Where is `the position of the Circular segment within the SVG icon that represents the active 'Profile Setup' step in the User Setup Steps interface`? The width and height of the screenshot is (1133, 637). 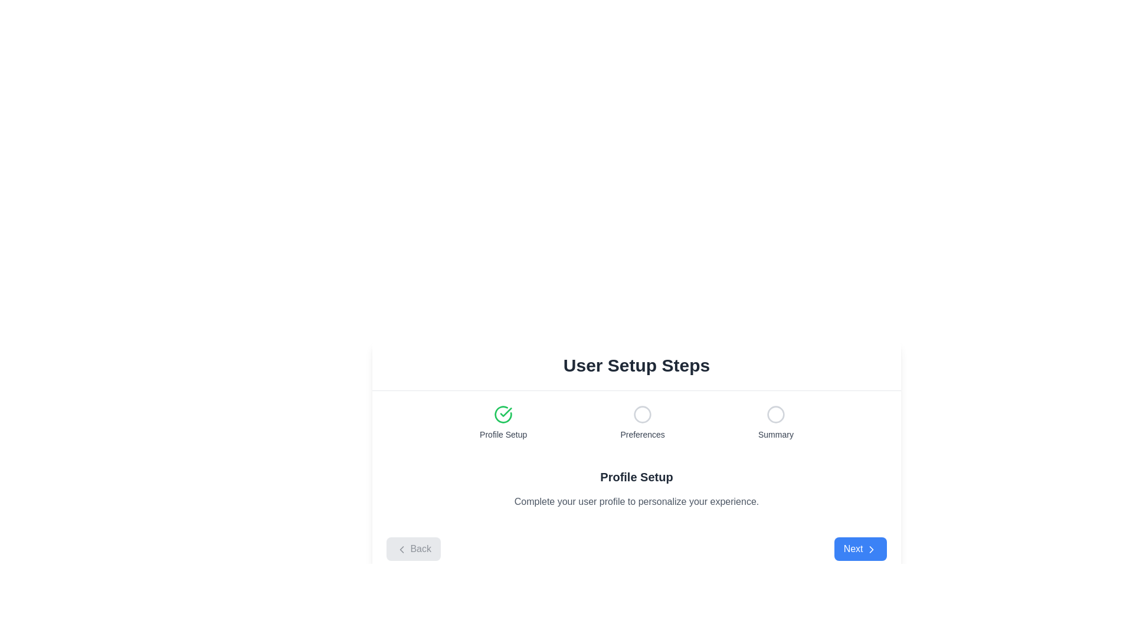
the position of the Circular segment within the SVG icon that represents the active 'Profile Setup' step in the User Setup Steps interface is located at coordinates (503, 413).